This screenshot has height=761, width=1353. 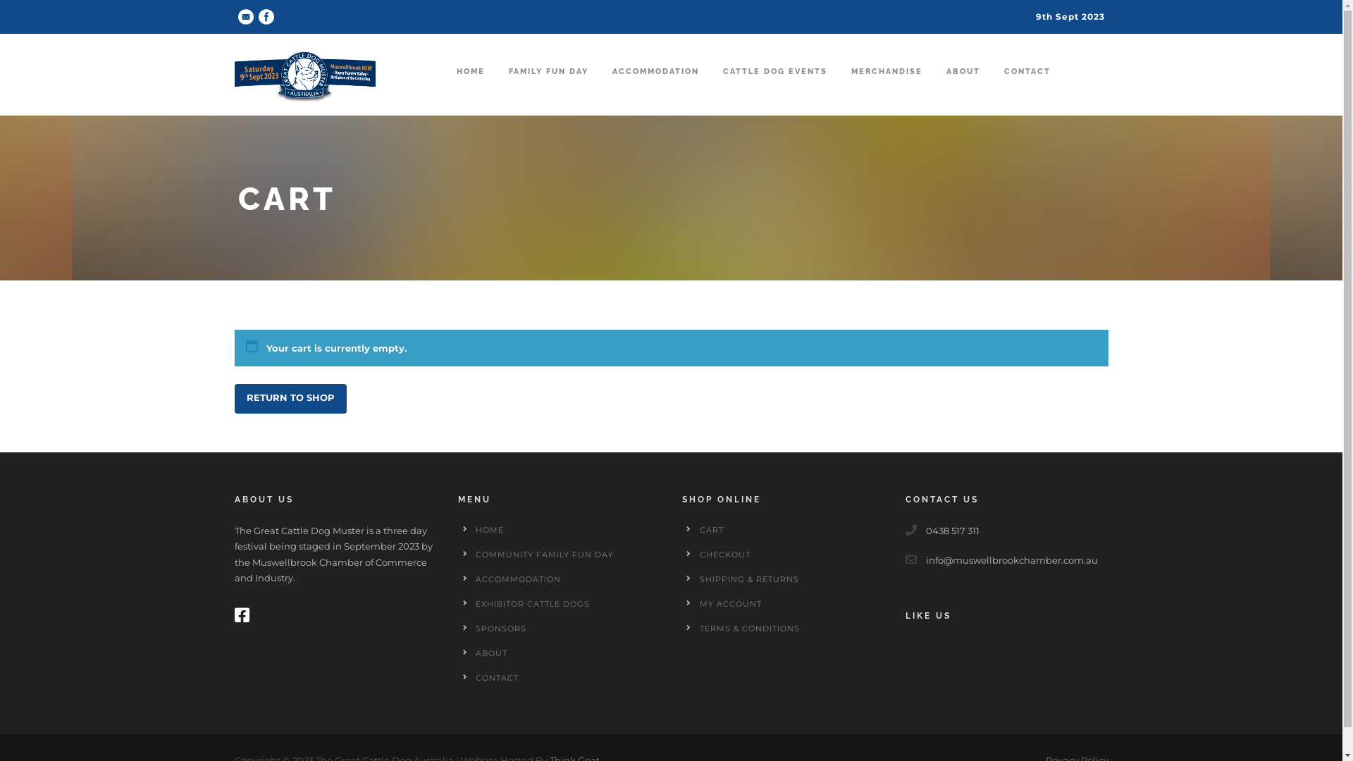 What do you see at coordinates (748, 627) in the screenshot?
I see `'TERMS & CONDITIONS'` at bounding box center [748, 627].